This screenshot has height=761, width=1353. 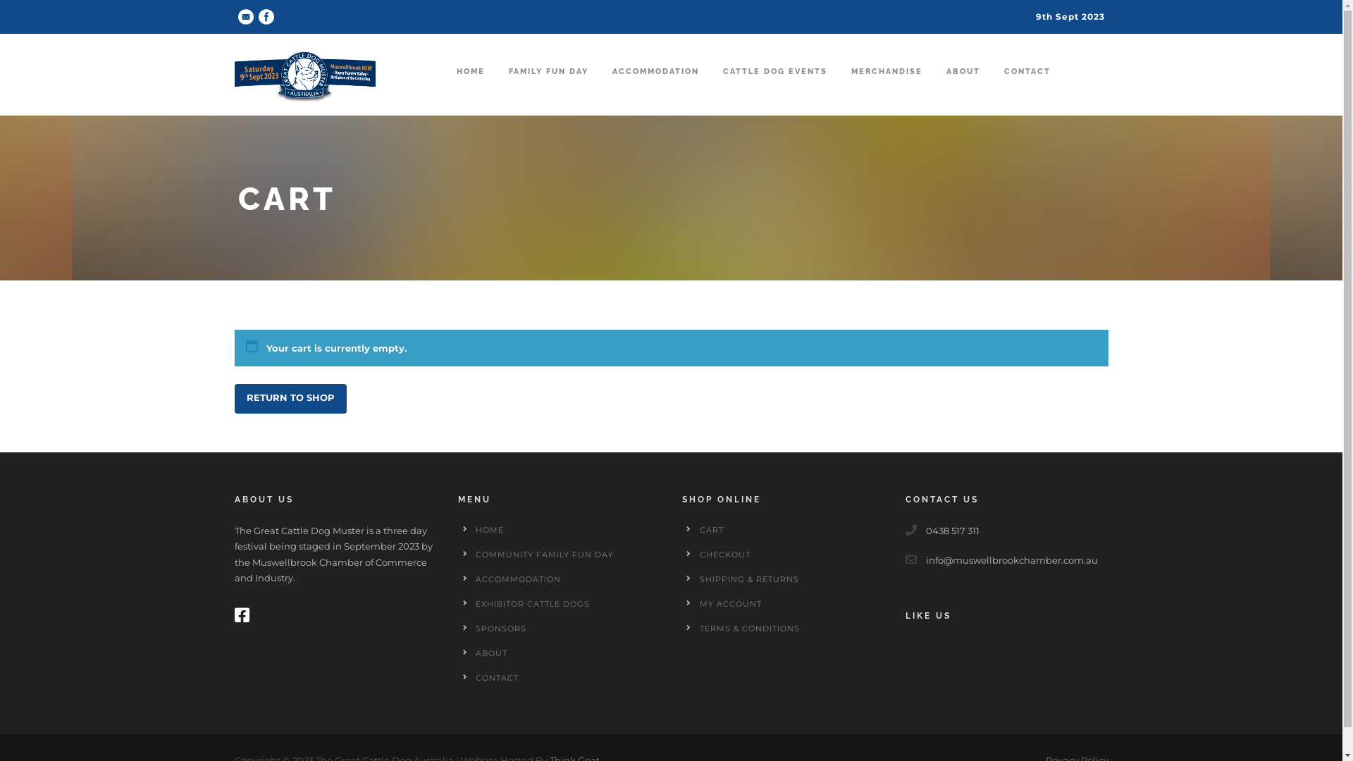 What do you see at coordinates (748, 627) in the screenshot?
I see `'TERMS & CONDITIONS'` at bounding box center [748, 627].